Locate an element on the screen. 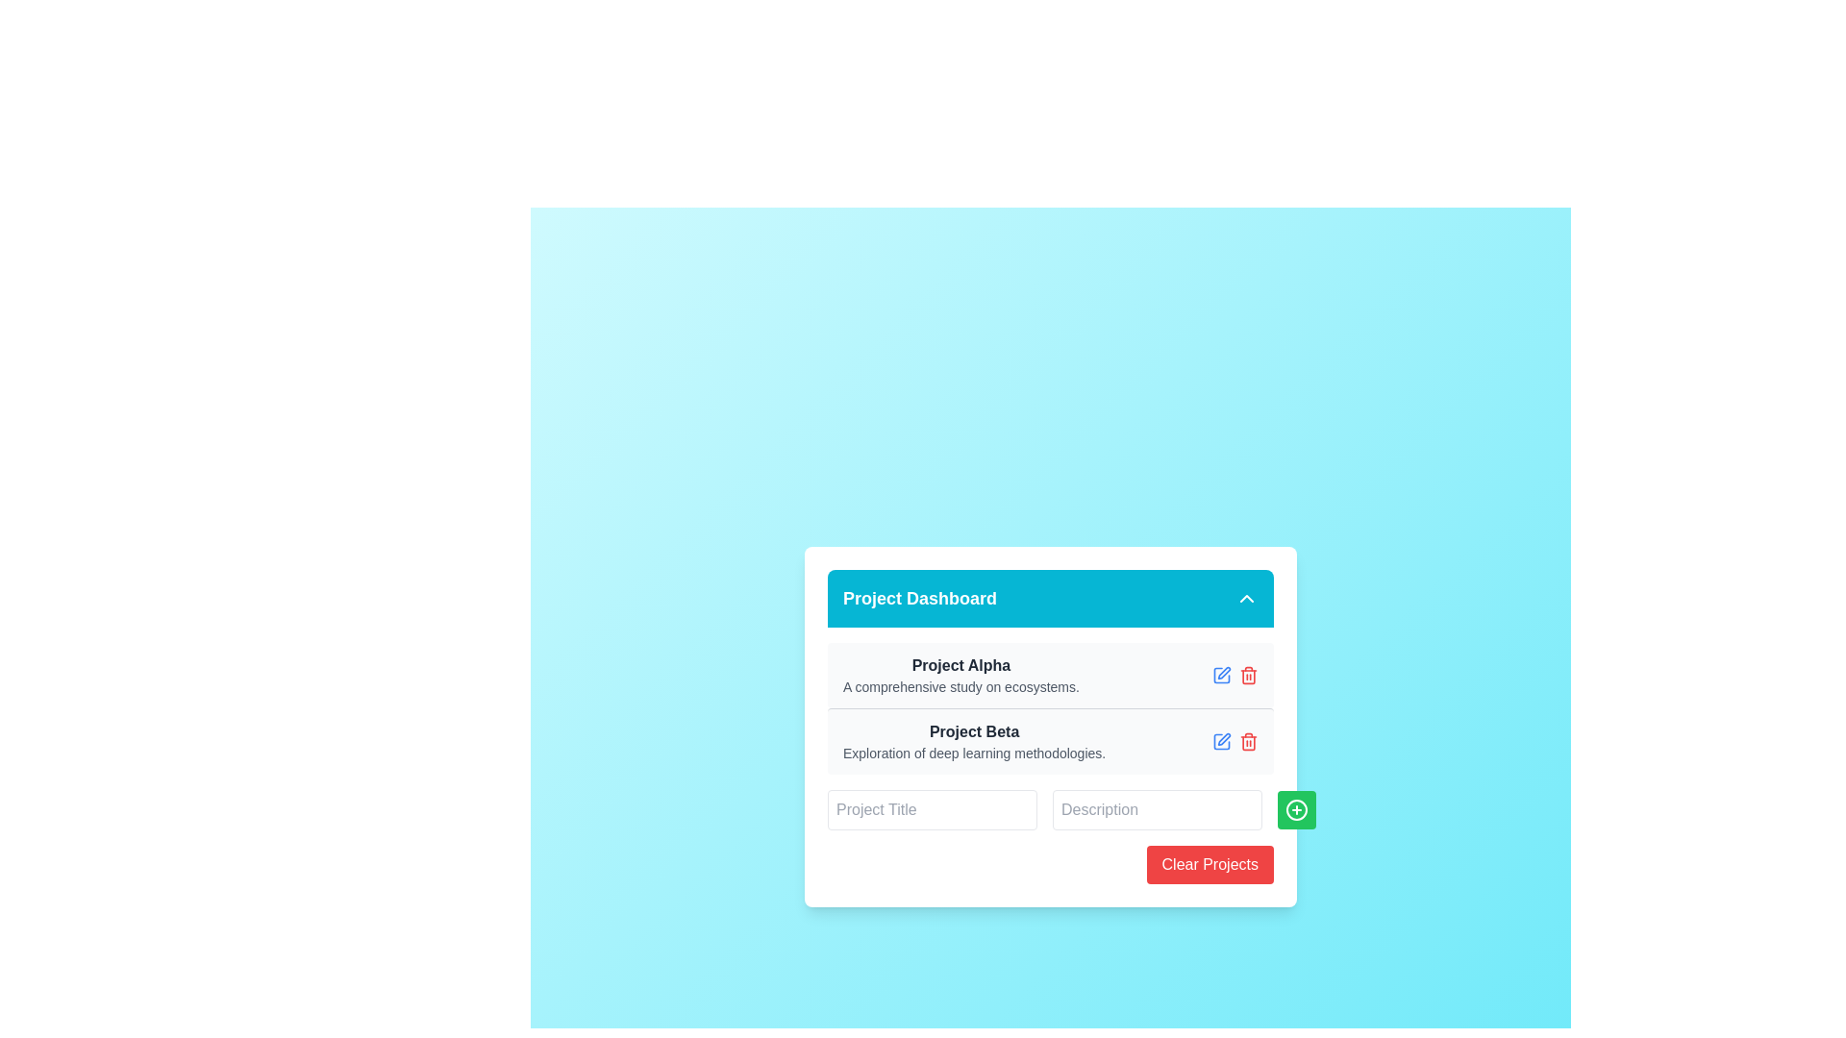 The width and height of the screenshot is (1846, 1038). the circular green button with a white plus sign in the center, located near the bottom-right corner of the inner card interface, to initiate an action is located at coordinates (1296, 809).